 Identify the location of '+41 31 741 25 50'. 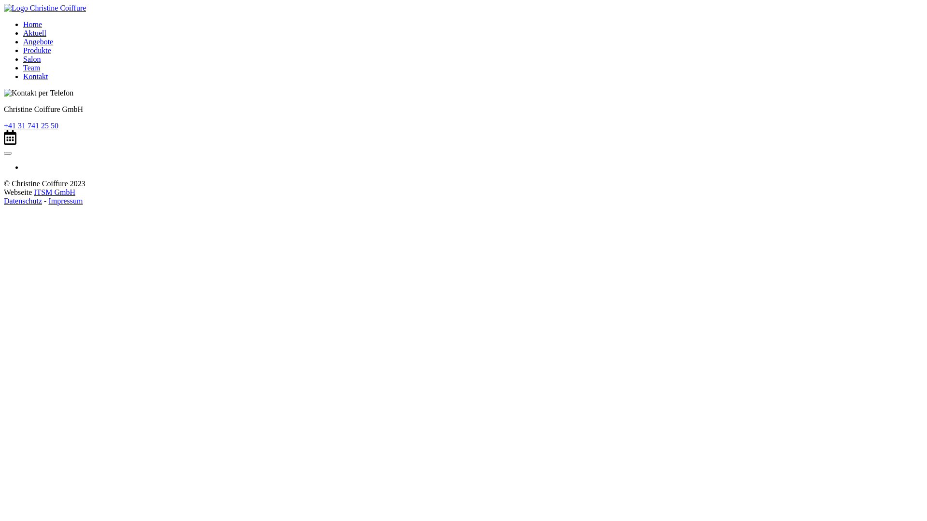
(31, 125).